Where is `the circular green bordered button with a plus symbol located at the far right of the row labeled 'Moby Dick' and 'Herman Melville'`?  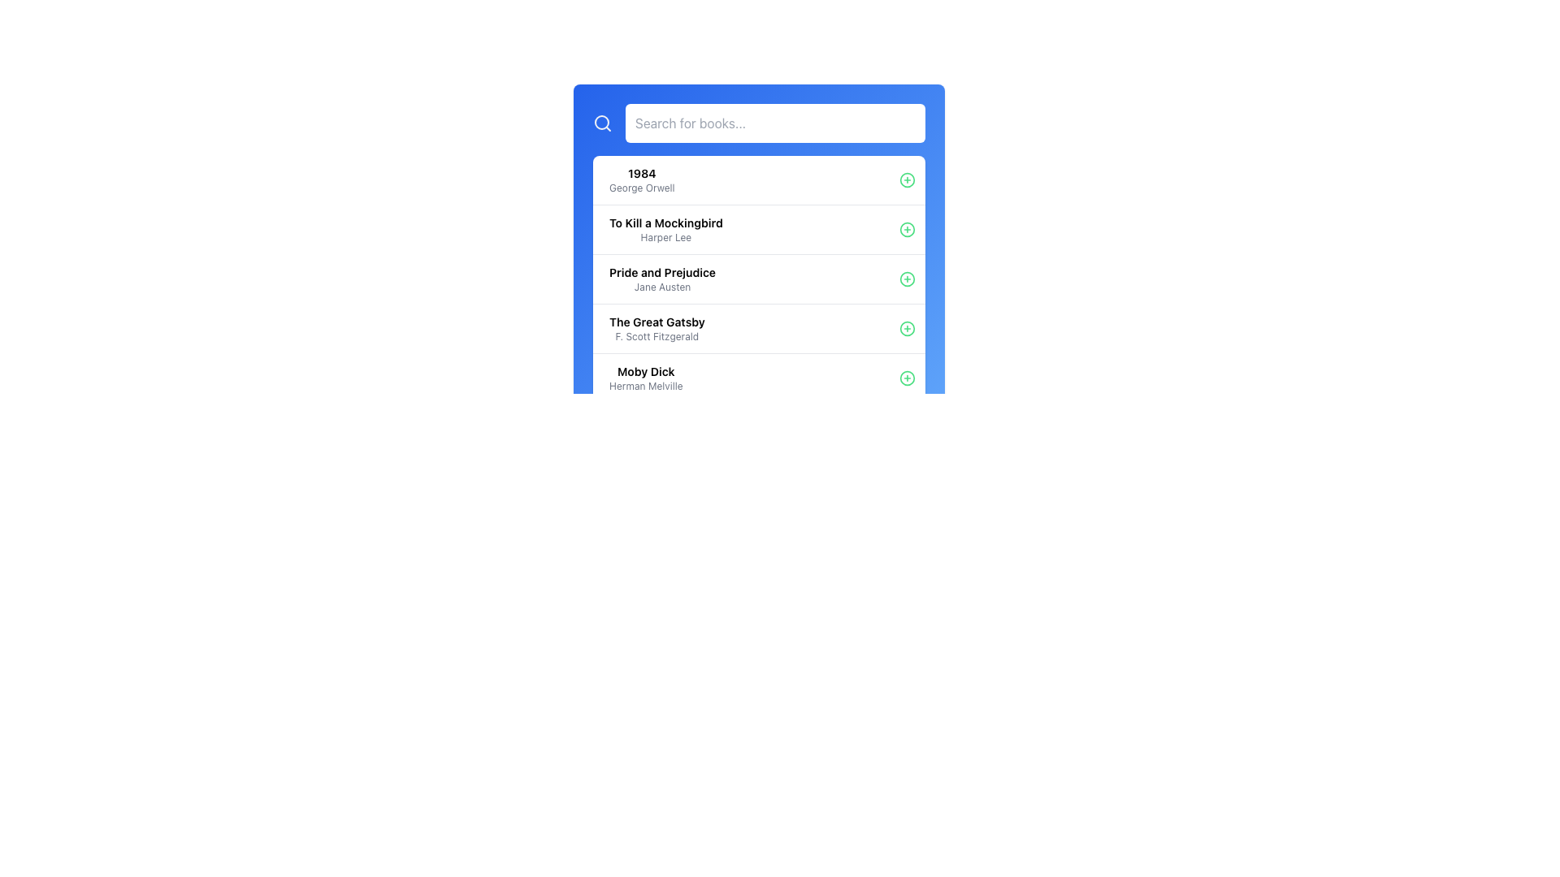
the circular green bordered button with a plus symbol located at the far right of the row labeled 'Moby Dick' and 'Herman Melville' is located at coordinates (907, 378).